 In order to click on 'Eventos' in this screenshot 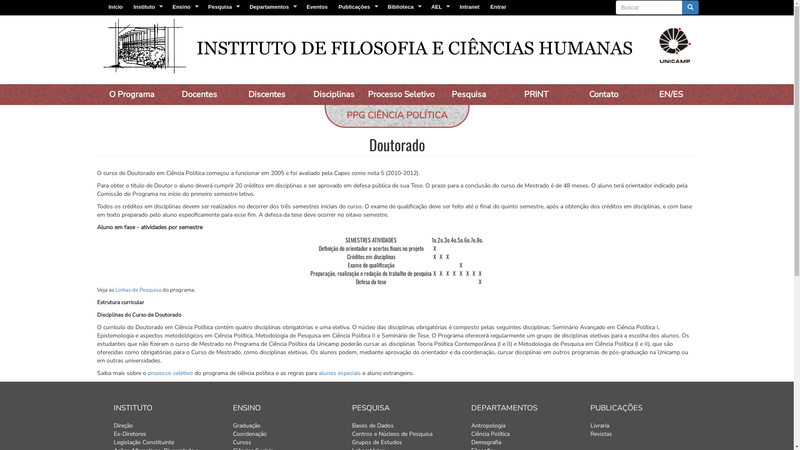, I will do `click(301, 7)`.